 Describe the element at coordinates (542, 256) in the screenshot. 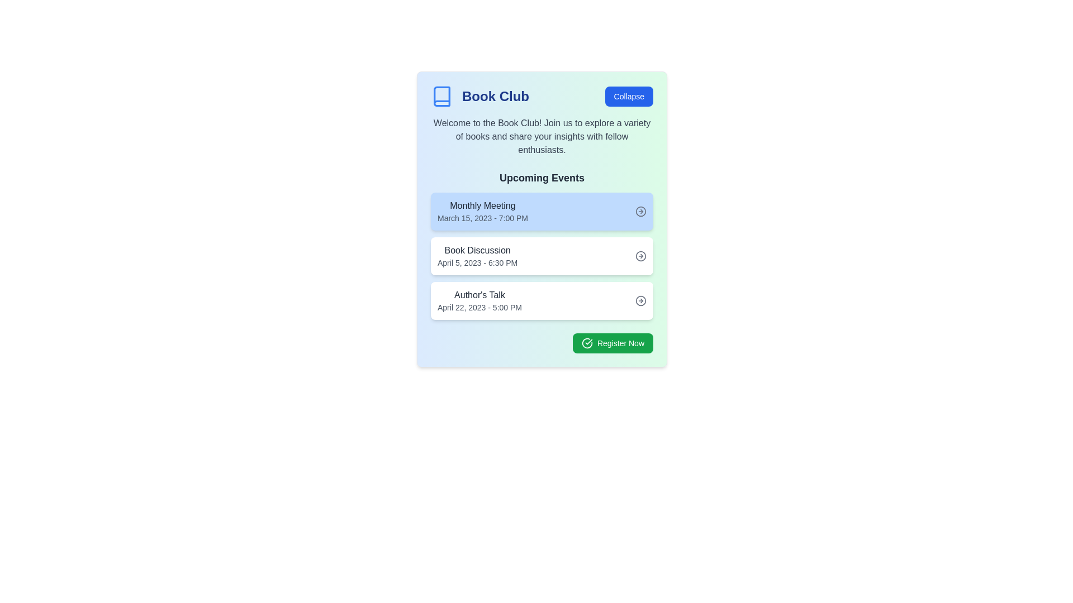

I see `the second interactive event entry in the 'Upcoming Events' list` at that location.